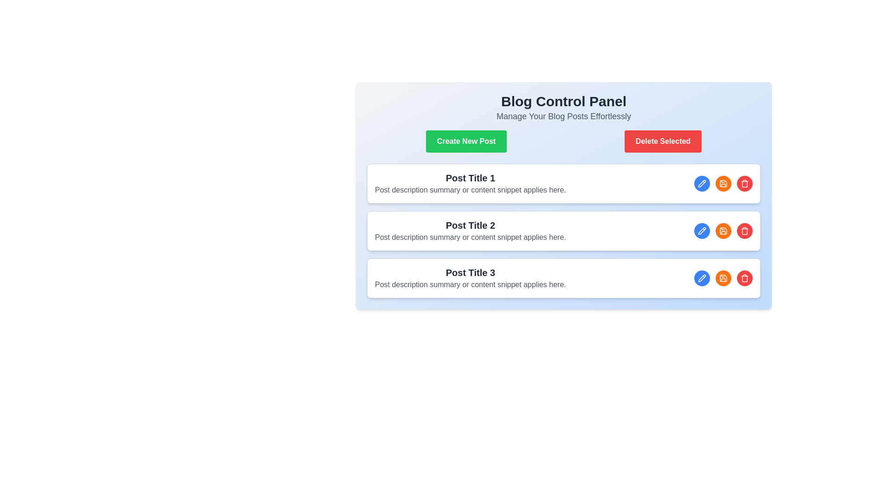 The height and width of the screenshot is (501, 891). What do you see at coordinates (744, 230) in the screenshot?
I see `the circular red button with a white trash icon located in the bottom right corner of the card labeled 'Post Title 3'` at bounding box center [744, 230].